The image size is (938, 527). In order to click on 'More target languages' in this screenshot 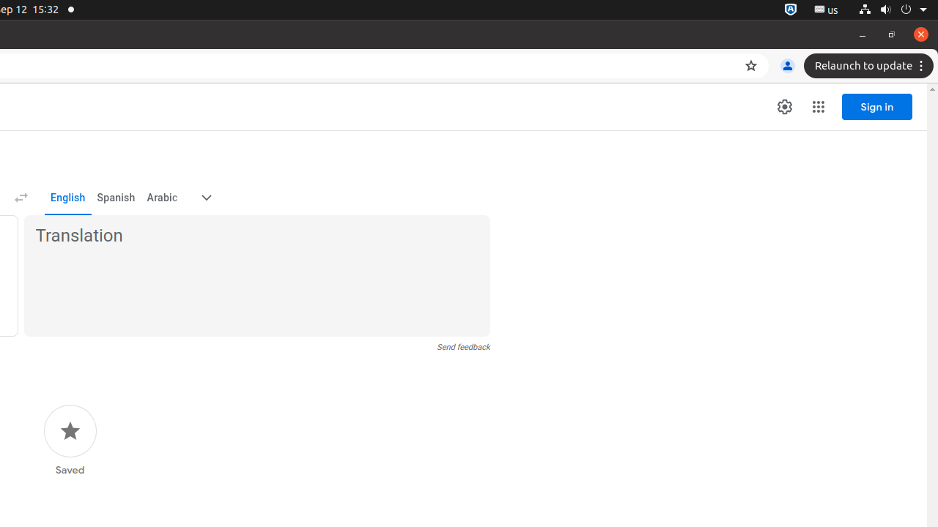, I will do `click(205, 198)`.